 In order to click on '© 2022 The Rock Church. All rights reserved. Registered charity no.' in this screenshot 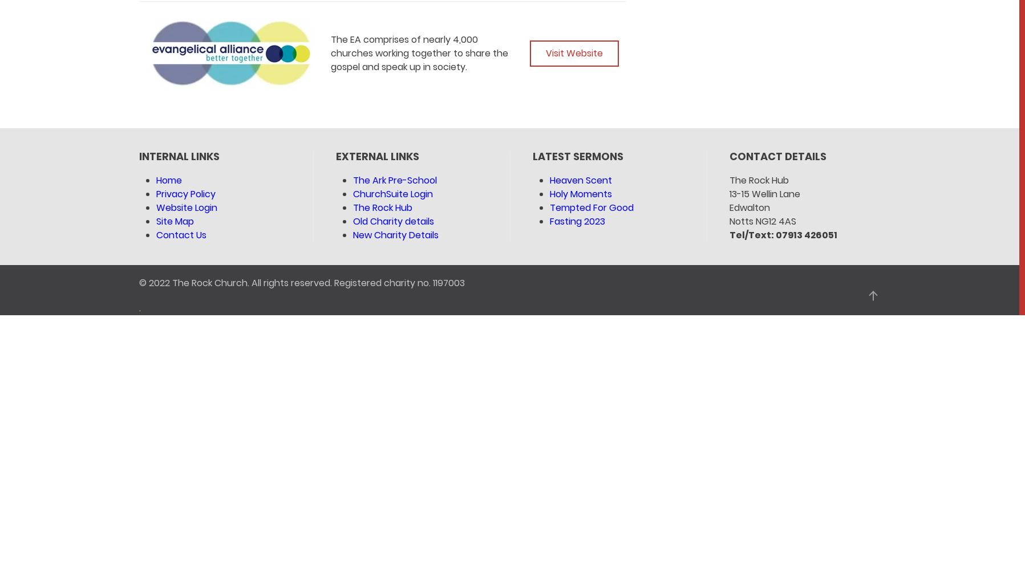, I will do `click(285, 282)`.